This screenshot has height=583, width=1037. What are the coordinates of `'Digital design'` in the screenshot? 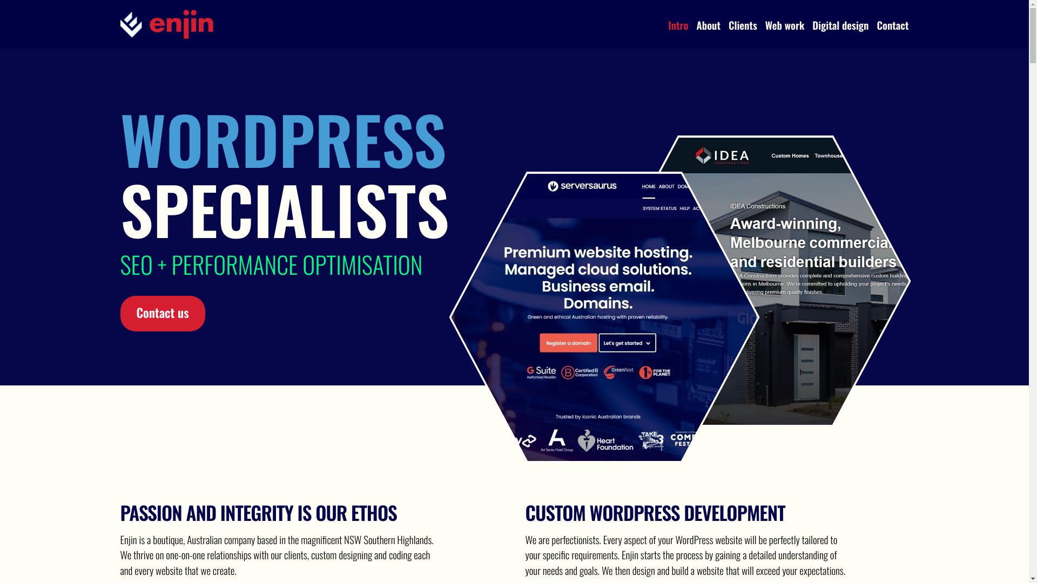 It's located at (839, 25).